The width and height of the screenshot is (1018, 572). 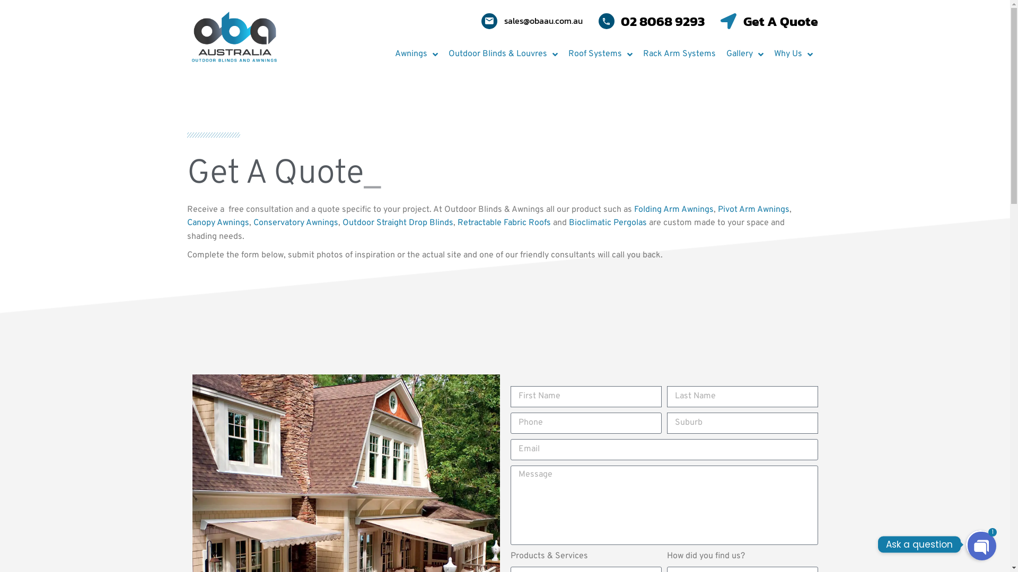 What do you see at coordinates (397, 222) in the screenshot?
I see `'Outdoor Straight Drop Blinds'` at bounding box center [397, 222].